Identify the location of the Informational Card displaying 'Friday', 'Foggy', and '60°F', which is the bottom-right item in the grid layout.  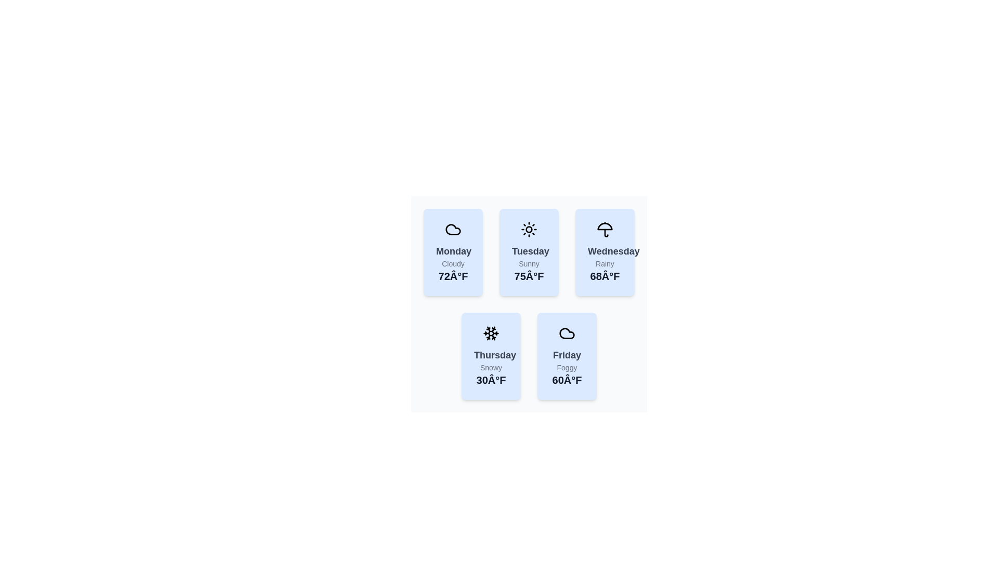
(566, 356).